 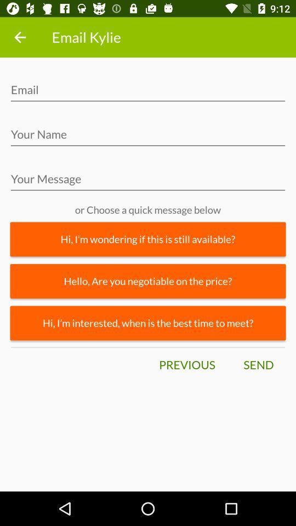 What do you see at coordinates (258, 365) in the screenshot?
I see `send` at bounding box center [258, 365].